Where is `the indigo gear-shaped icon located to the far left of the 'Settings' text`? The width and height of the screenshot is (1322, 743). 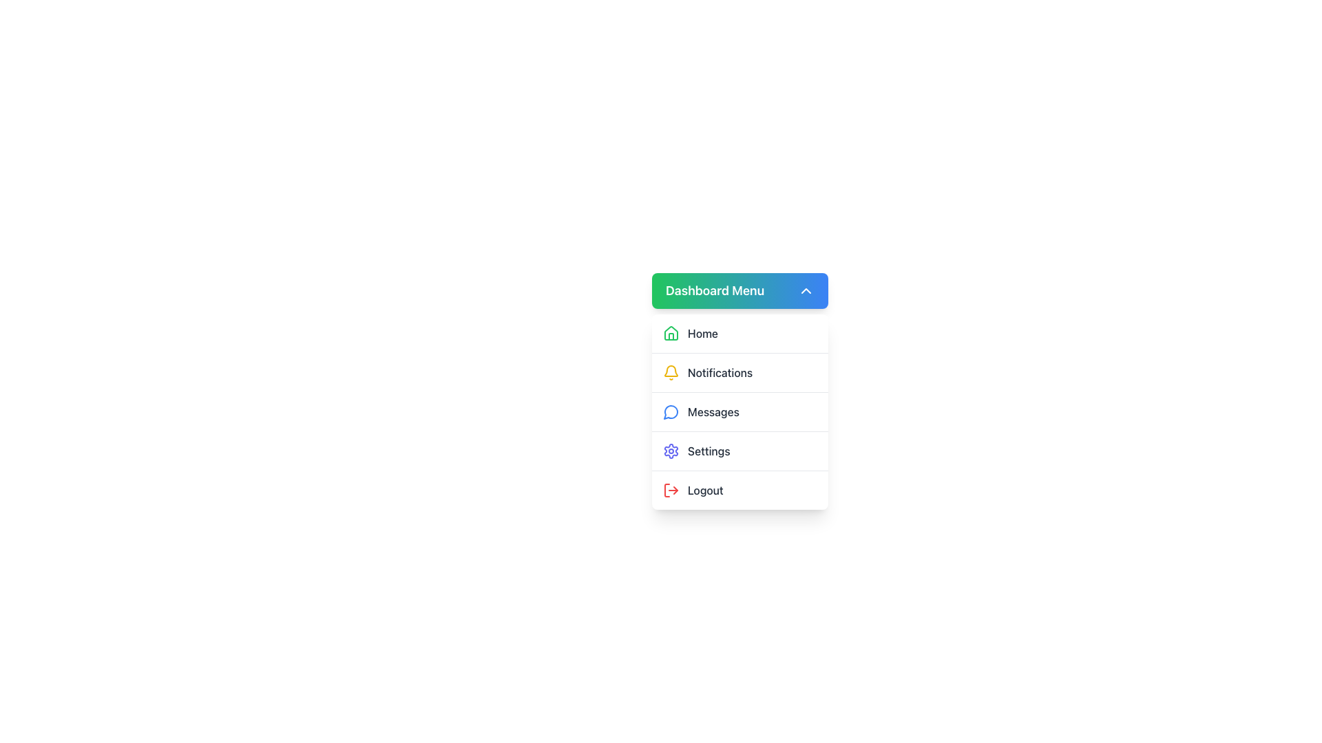
the indigo gear-shaped icon located to the far left of the 'Settings' text is located at coordinates (671, 451).